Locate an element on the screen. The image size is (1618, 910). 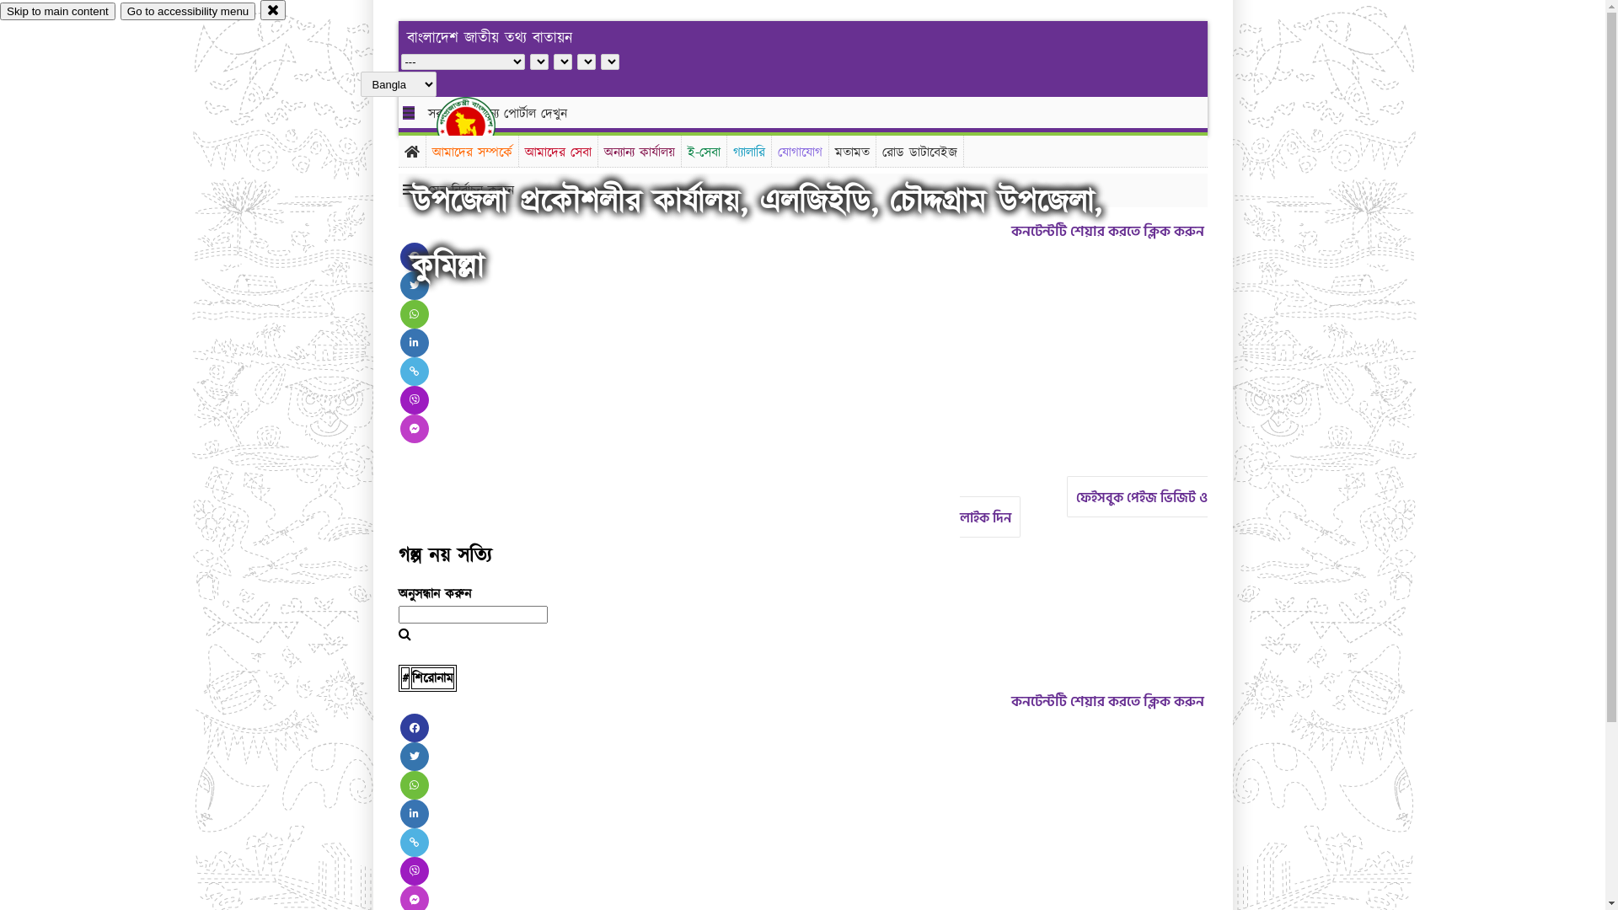
' is located at coordinates (480, 125).